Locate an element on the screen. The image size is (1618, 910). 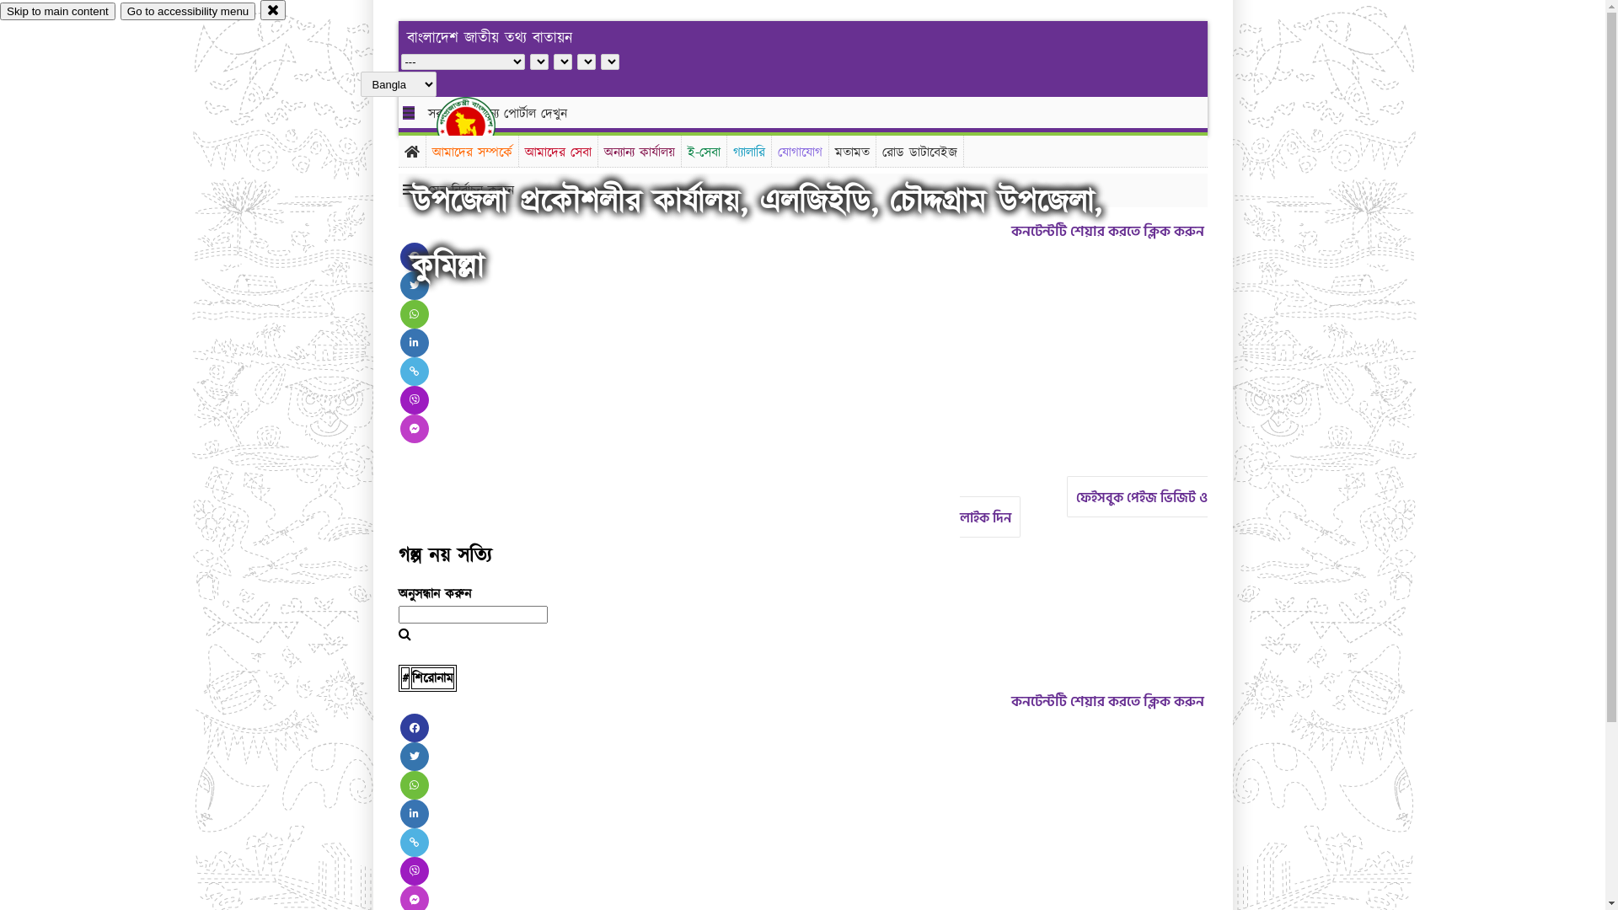
' is located at coordinates (480, 125).